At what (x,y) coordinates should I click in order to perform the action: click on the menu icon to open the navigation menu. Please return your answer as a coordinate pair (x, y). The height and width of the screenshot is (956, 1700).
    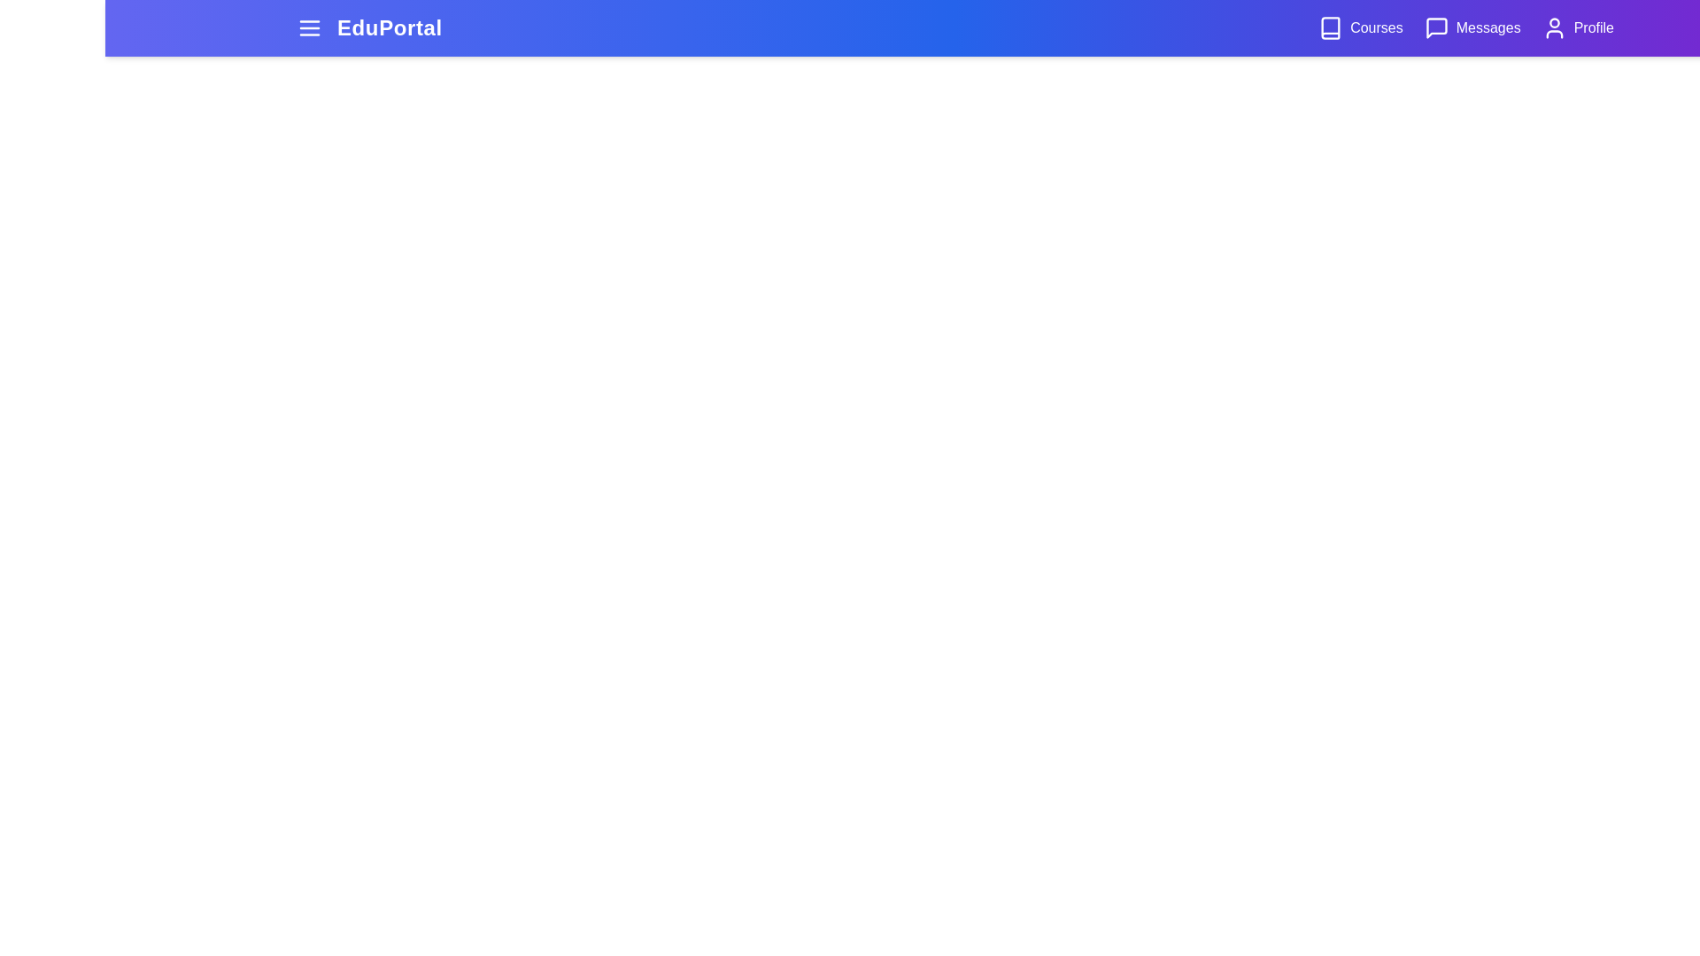
    Looking at the image, I should click on (310, 27).